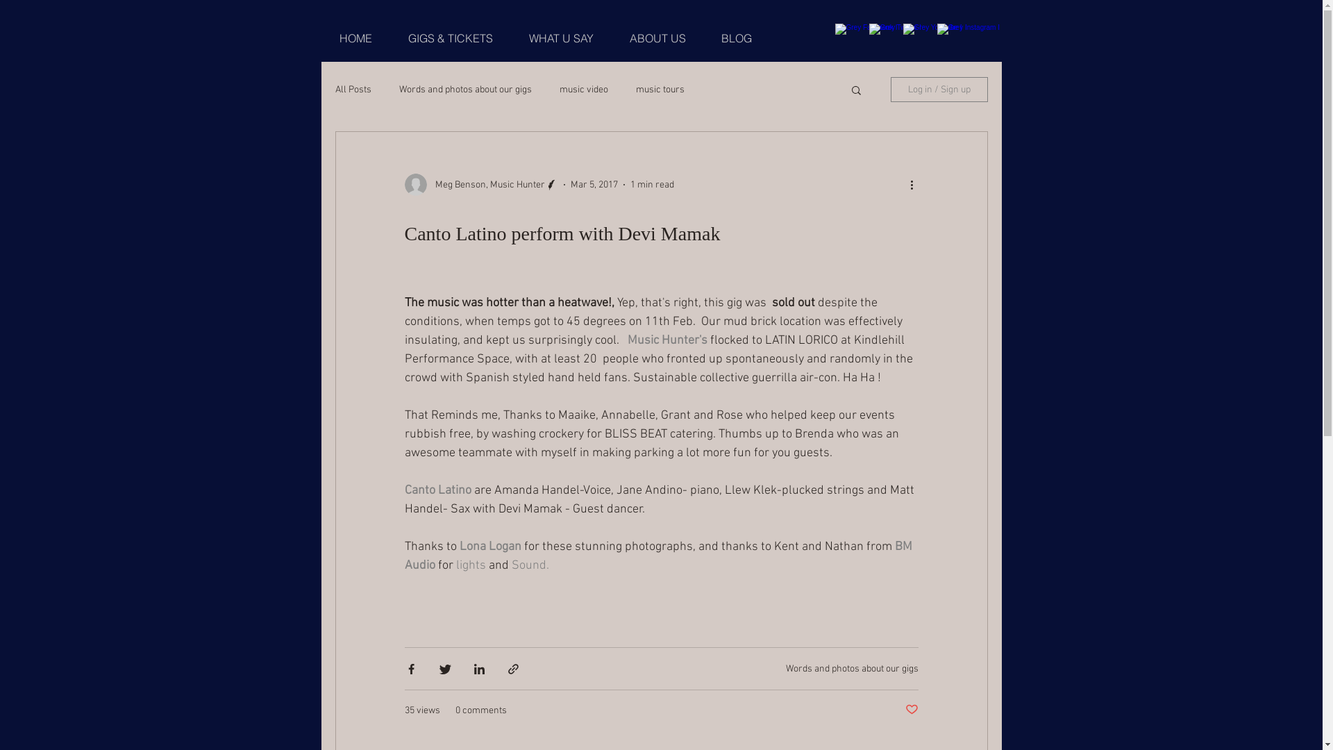 The height and width of the screenshot is (750, 1333). I want to click on 'Sound.', so click(529, 565).